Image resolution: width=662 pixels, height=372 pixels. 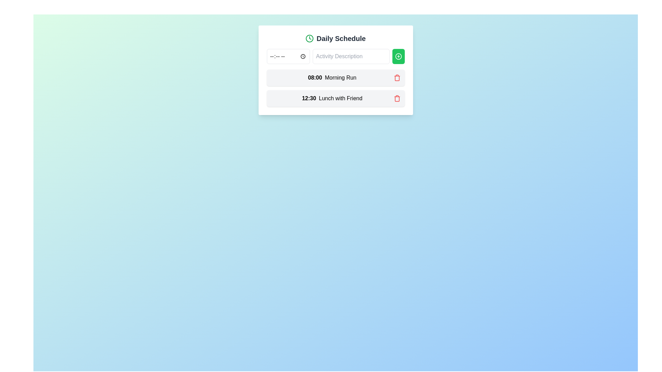 I want to click on the static text label indicating the time for the 'Morning Run' task, which is located in the leftmost position of its row under the 'Daily Schedule' section, so click(x=314, y=77).